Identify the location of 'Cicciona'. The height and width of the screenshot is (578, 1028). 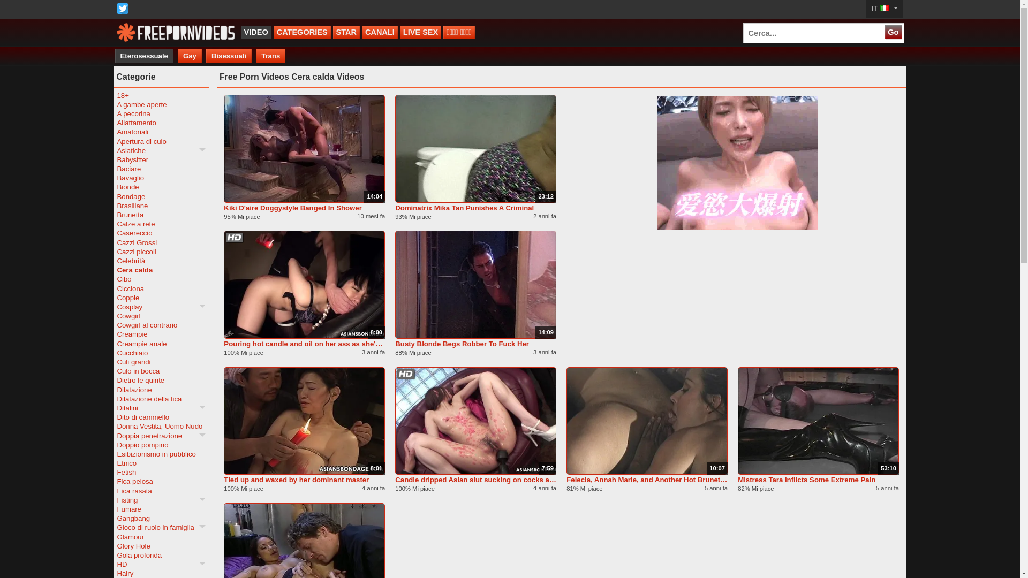
(161, 287).